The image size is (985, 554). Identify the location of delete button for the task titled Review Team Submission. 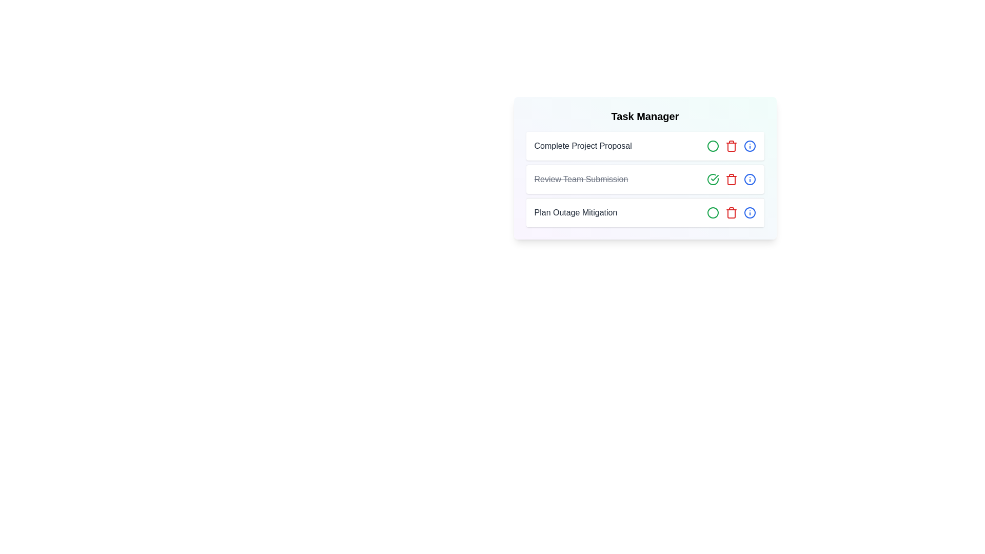
(731, 179).